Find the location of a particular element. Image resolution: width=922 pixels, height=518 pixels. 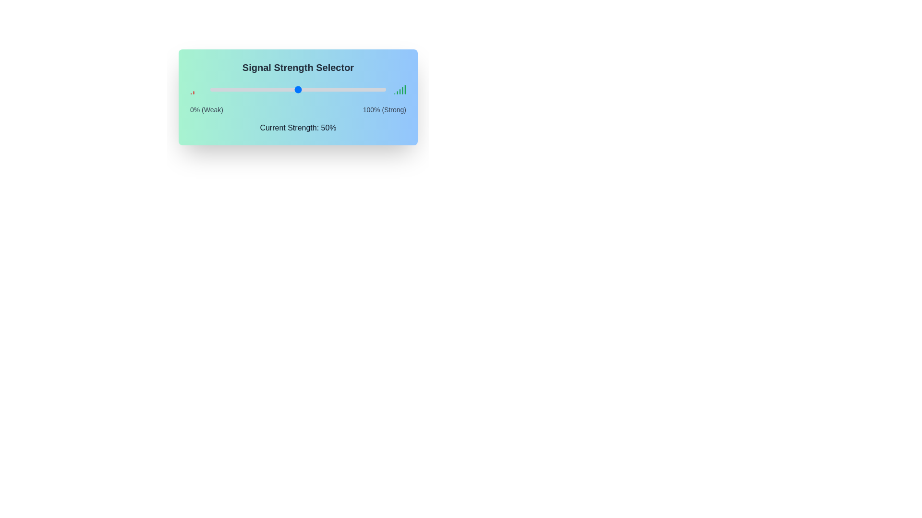

the signal strength slider to 33% is located at coordinates (268, 89).